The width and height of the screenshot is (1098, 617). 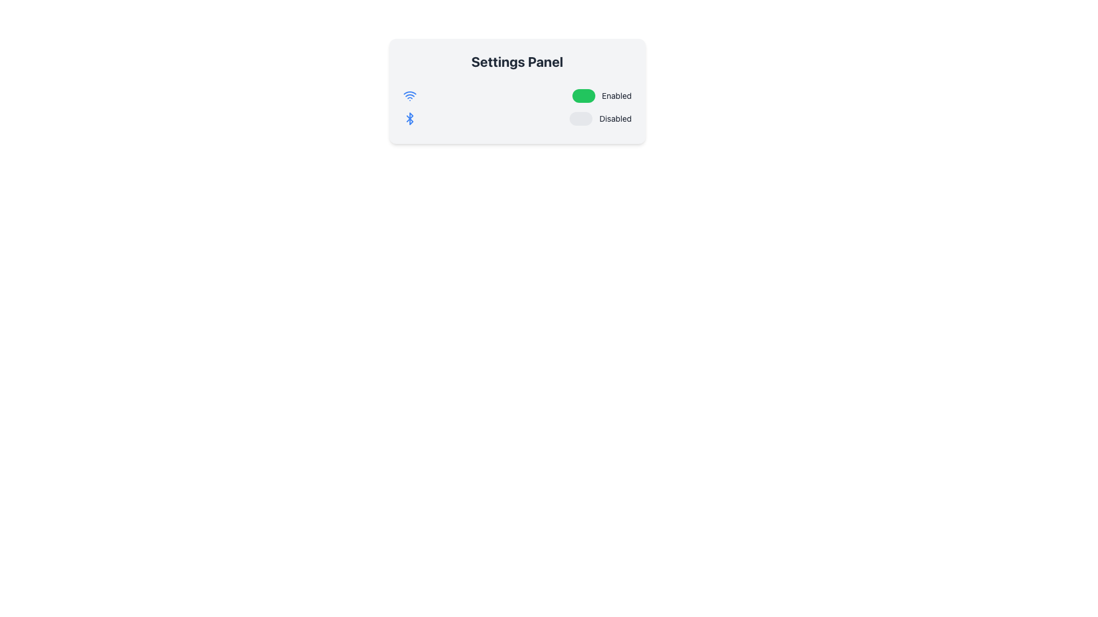 I want to click on the Bluetooth icon located within the settings panel, which has a blue outline and is positioned directly below the Wi-Fi symbol, so click(x=409, y=119).